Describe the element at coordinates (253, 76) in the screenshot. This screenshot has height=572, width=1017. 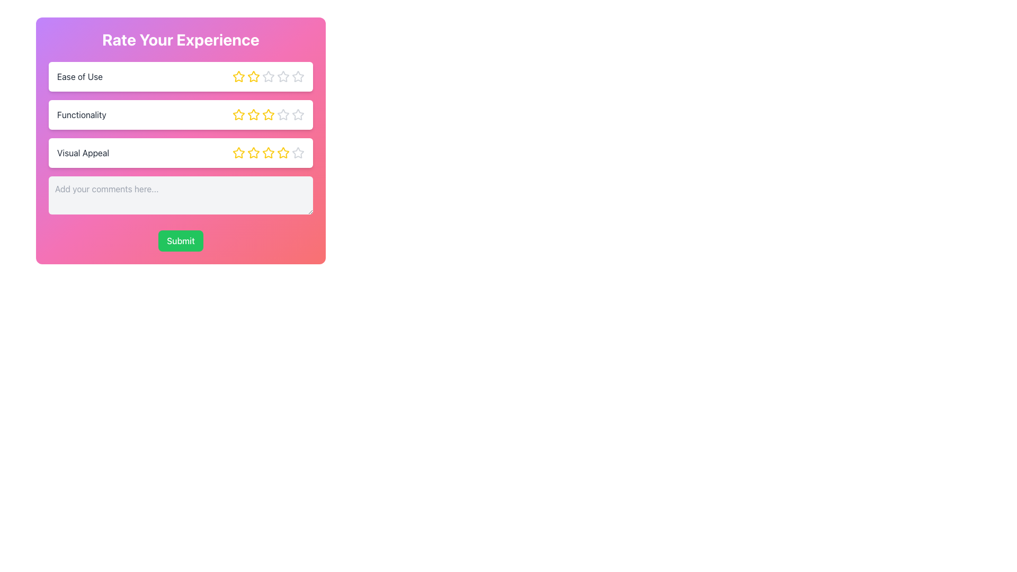
I see `the second star in the row of rating stars under the 'Ease of Use' category to provide a rating` at that location.